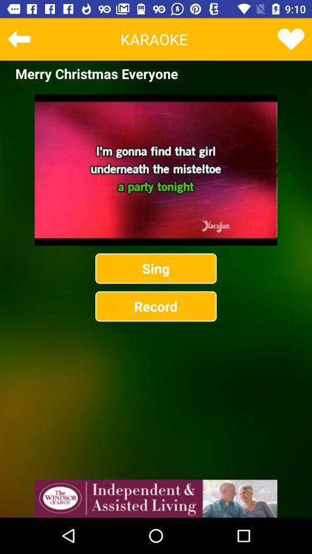  Describe the element at coordinates (156, 498) in the screenshot. I see `open advertisement` at that location.